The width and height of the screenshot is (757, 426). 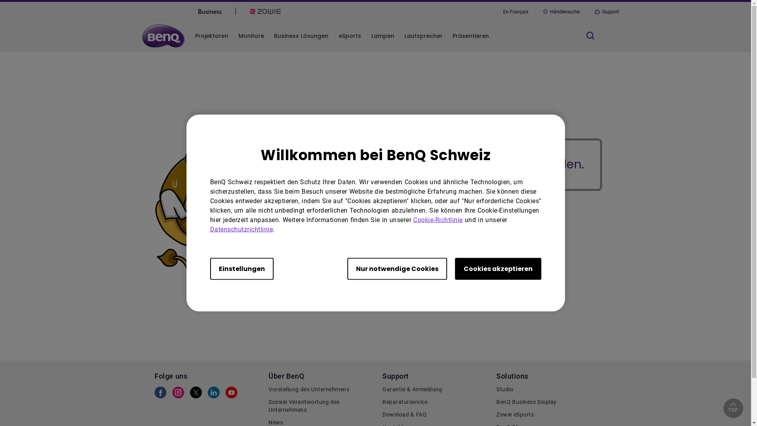 What do you see at coordinates (191, 36) in the screenshot?
I see `'Projektoren'` at bounding box center [191, 36].